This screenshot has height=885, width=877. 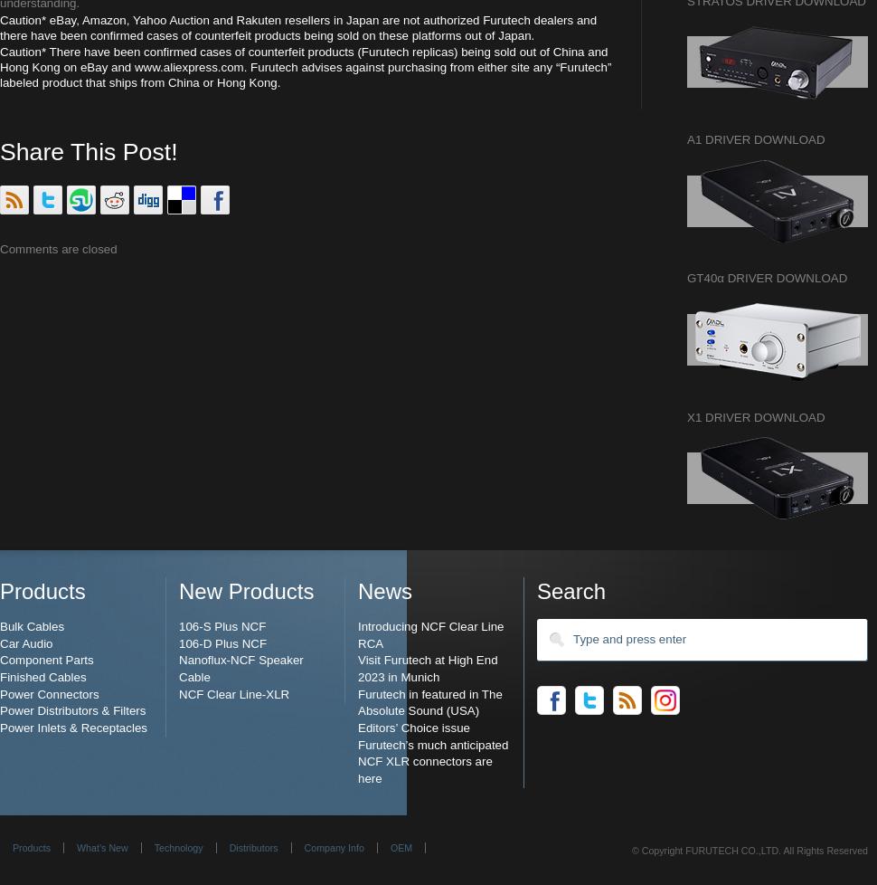 What do you see at coordinates (71, 709) in the screenshot?
I see `'Power Distributors & Filters'` at bounding box center [71, 709].